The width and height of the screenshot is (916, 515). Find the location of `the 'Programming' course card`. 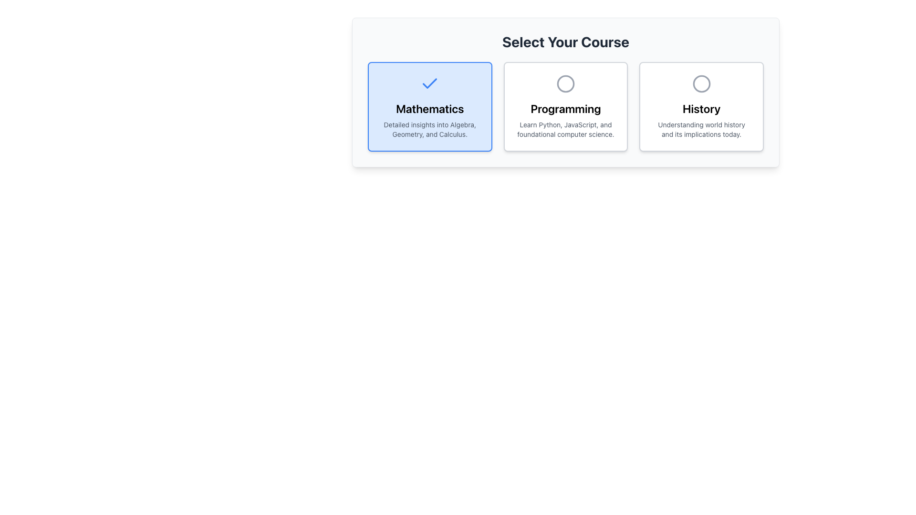

the 'Programming' course card is located at coordinates (565, 106).